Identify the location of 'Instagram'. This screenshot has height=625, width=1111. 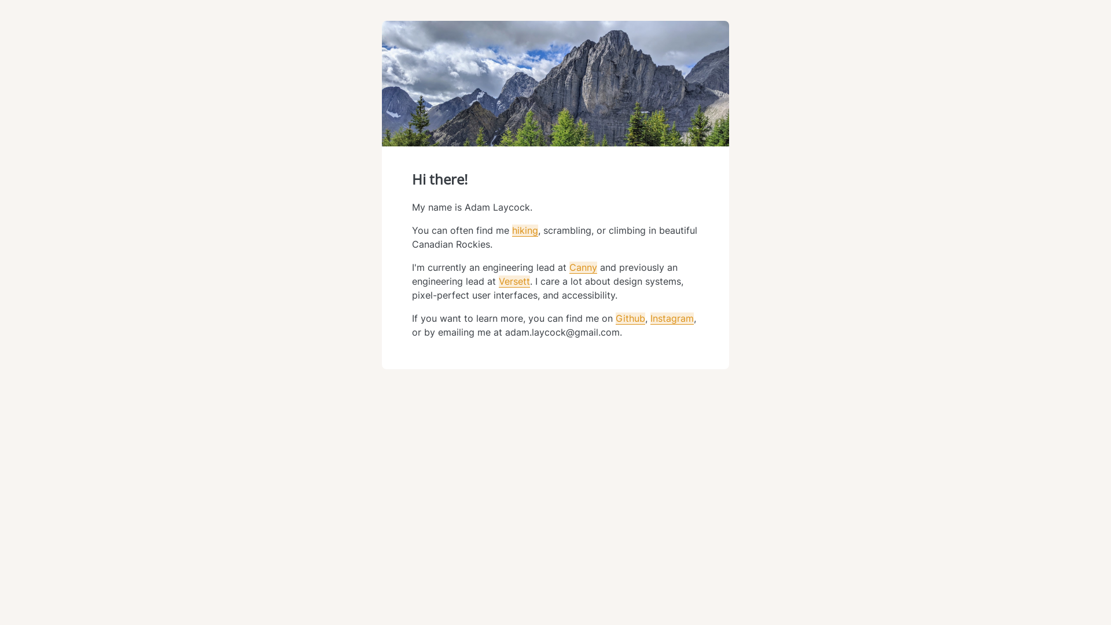
(672, 318).